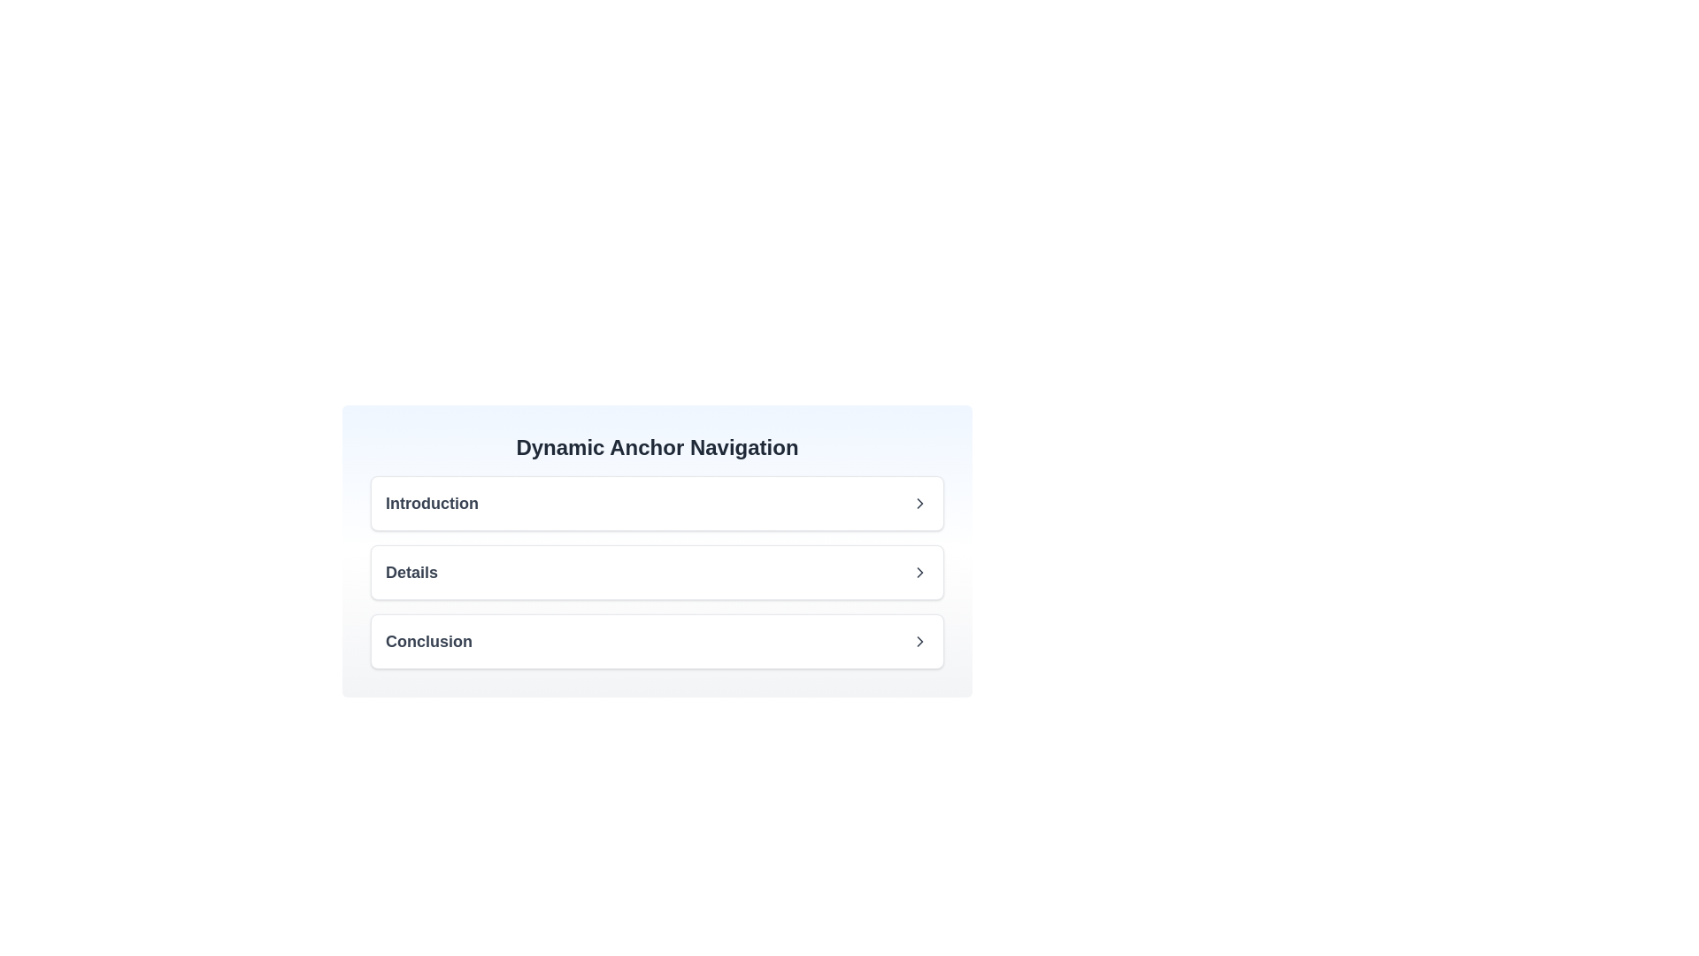  I want to click on the 'Details' button, which is the second button among three rectangular boxes arranged vertically, located below the 'Introduction' box and above the 'Conclusion' box, so click(657, 573).